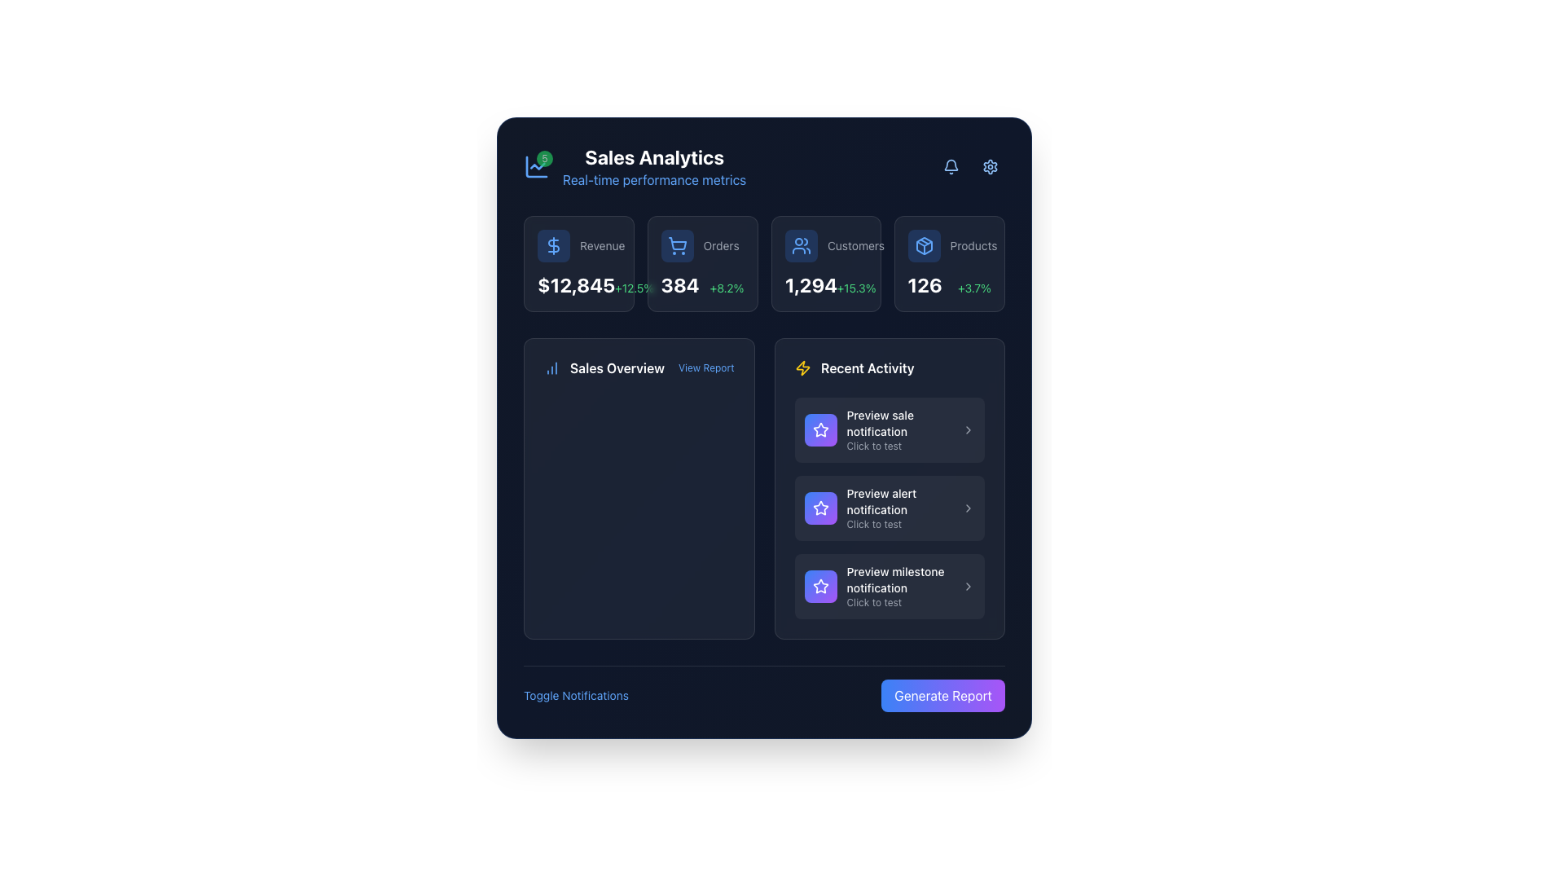 Image resolution: width=1564 pixels, height=880 pixels. What do you see at coordinates (576, 284) in the screenshot?
I see `numerical value displayed in the bold, large white text labeled '$12,845' on the Revenue card located on the dashboard` at bounding box center [576, 284].